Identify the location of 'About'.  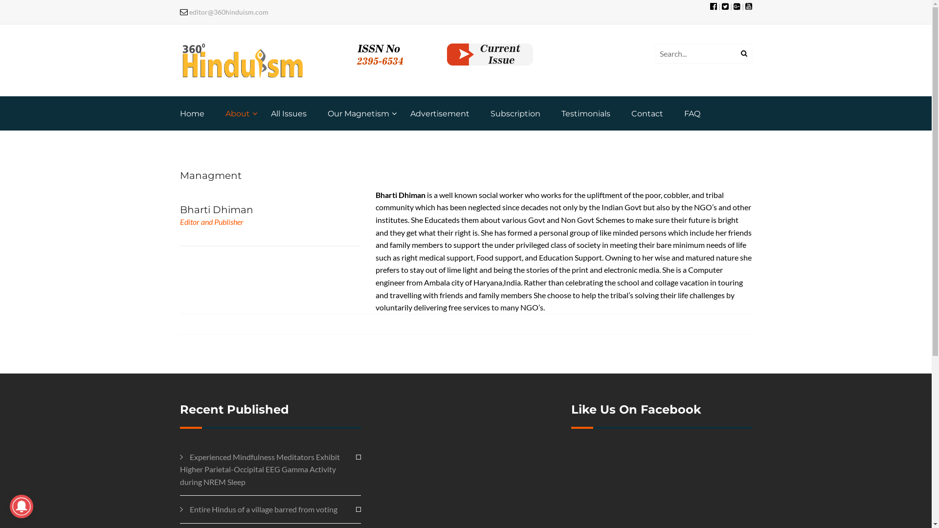
(224, 113).